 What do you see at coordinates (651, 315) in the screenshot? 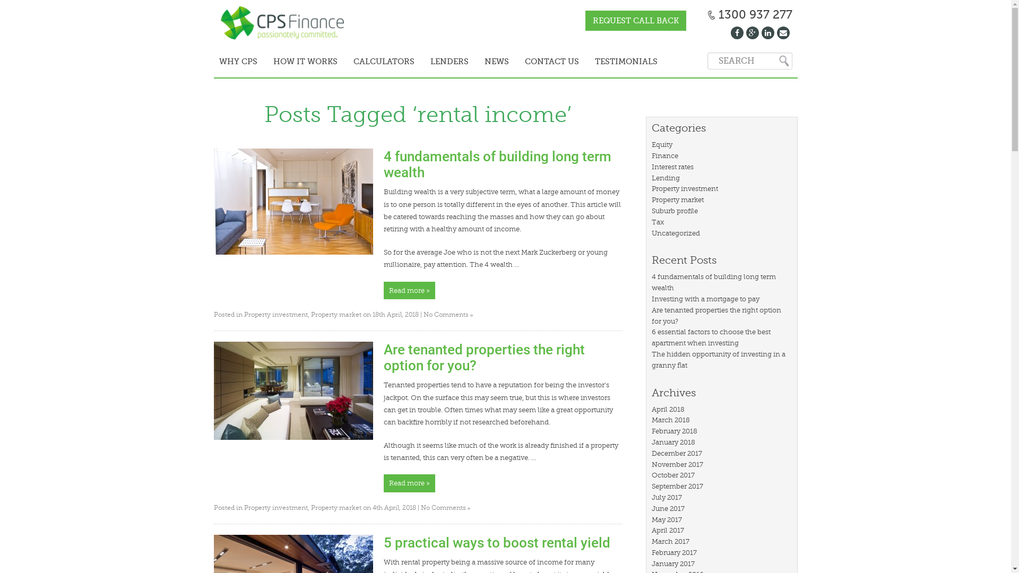
I see `'Are tenanted properties the right option for you?'` at bounding box center [651, 315].